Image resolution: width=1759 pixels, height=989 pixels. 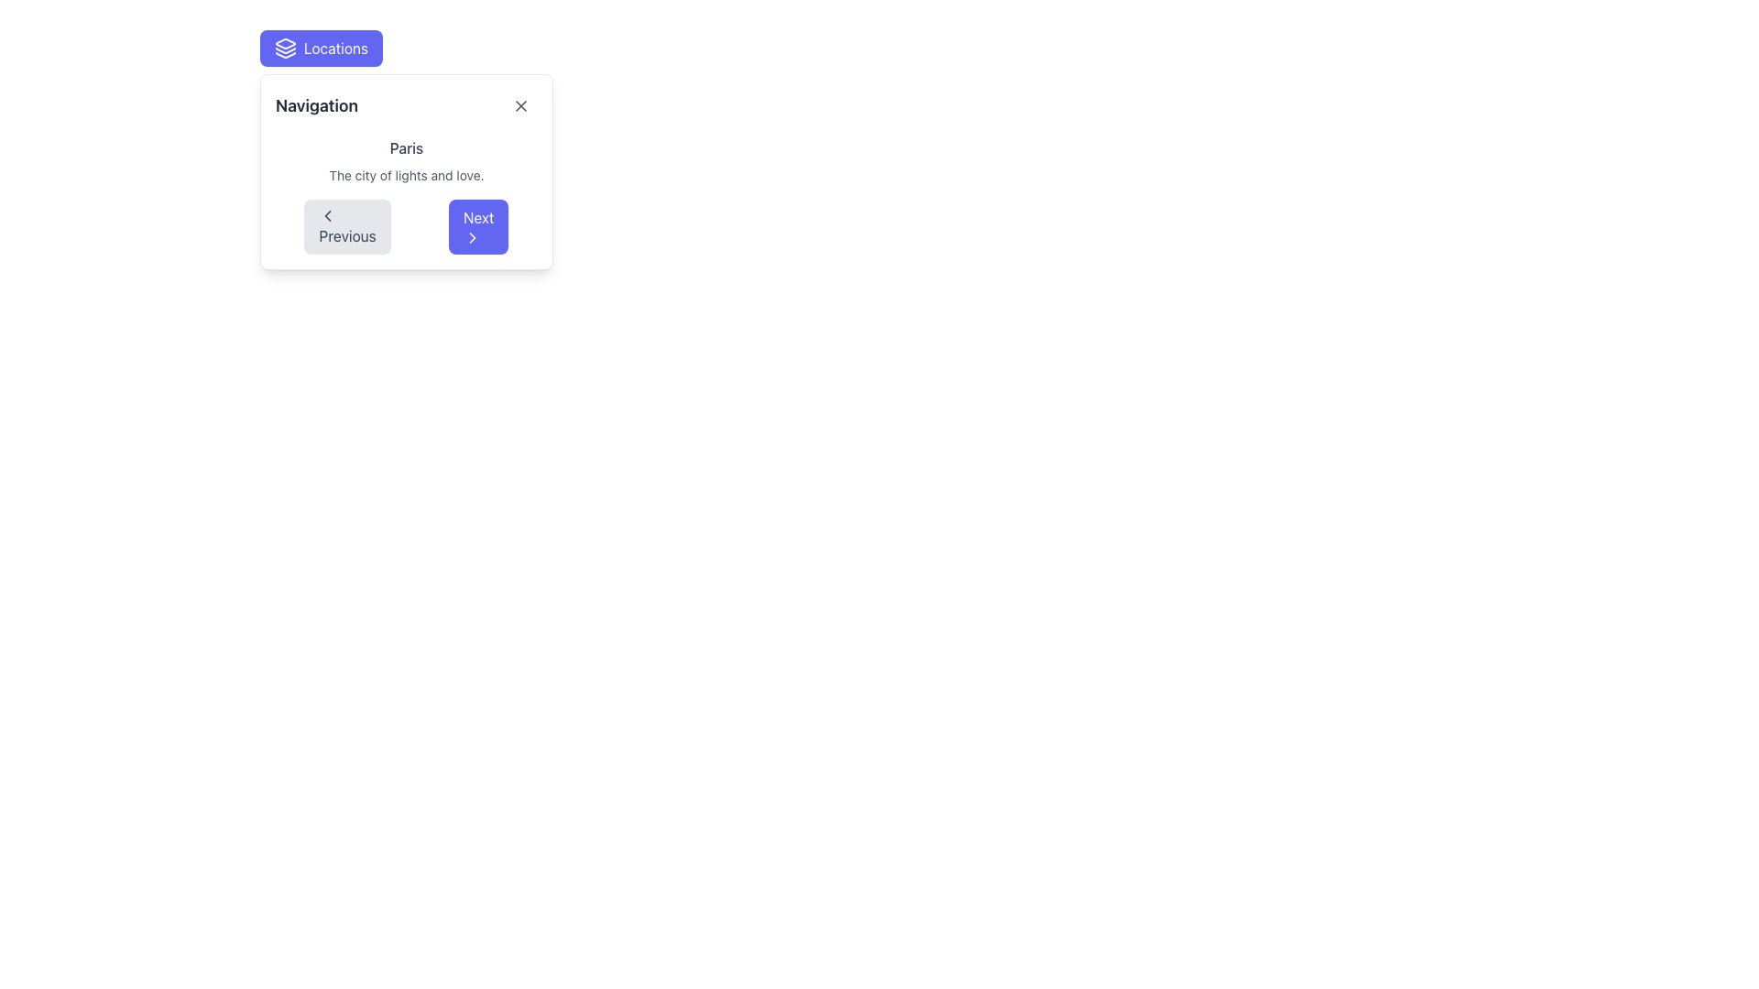 I want to click on the icon located at the leftmost side of the 'Locations' button, which is visually related to location or layers functionality, so click(x=285, y=48).